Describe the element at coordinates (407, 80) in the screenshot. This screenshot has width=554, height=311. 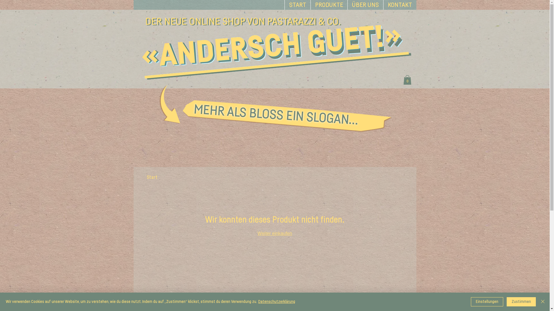
I see `'0'` at that location.